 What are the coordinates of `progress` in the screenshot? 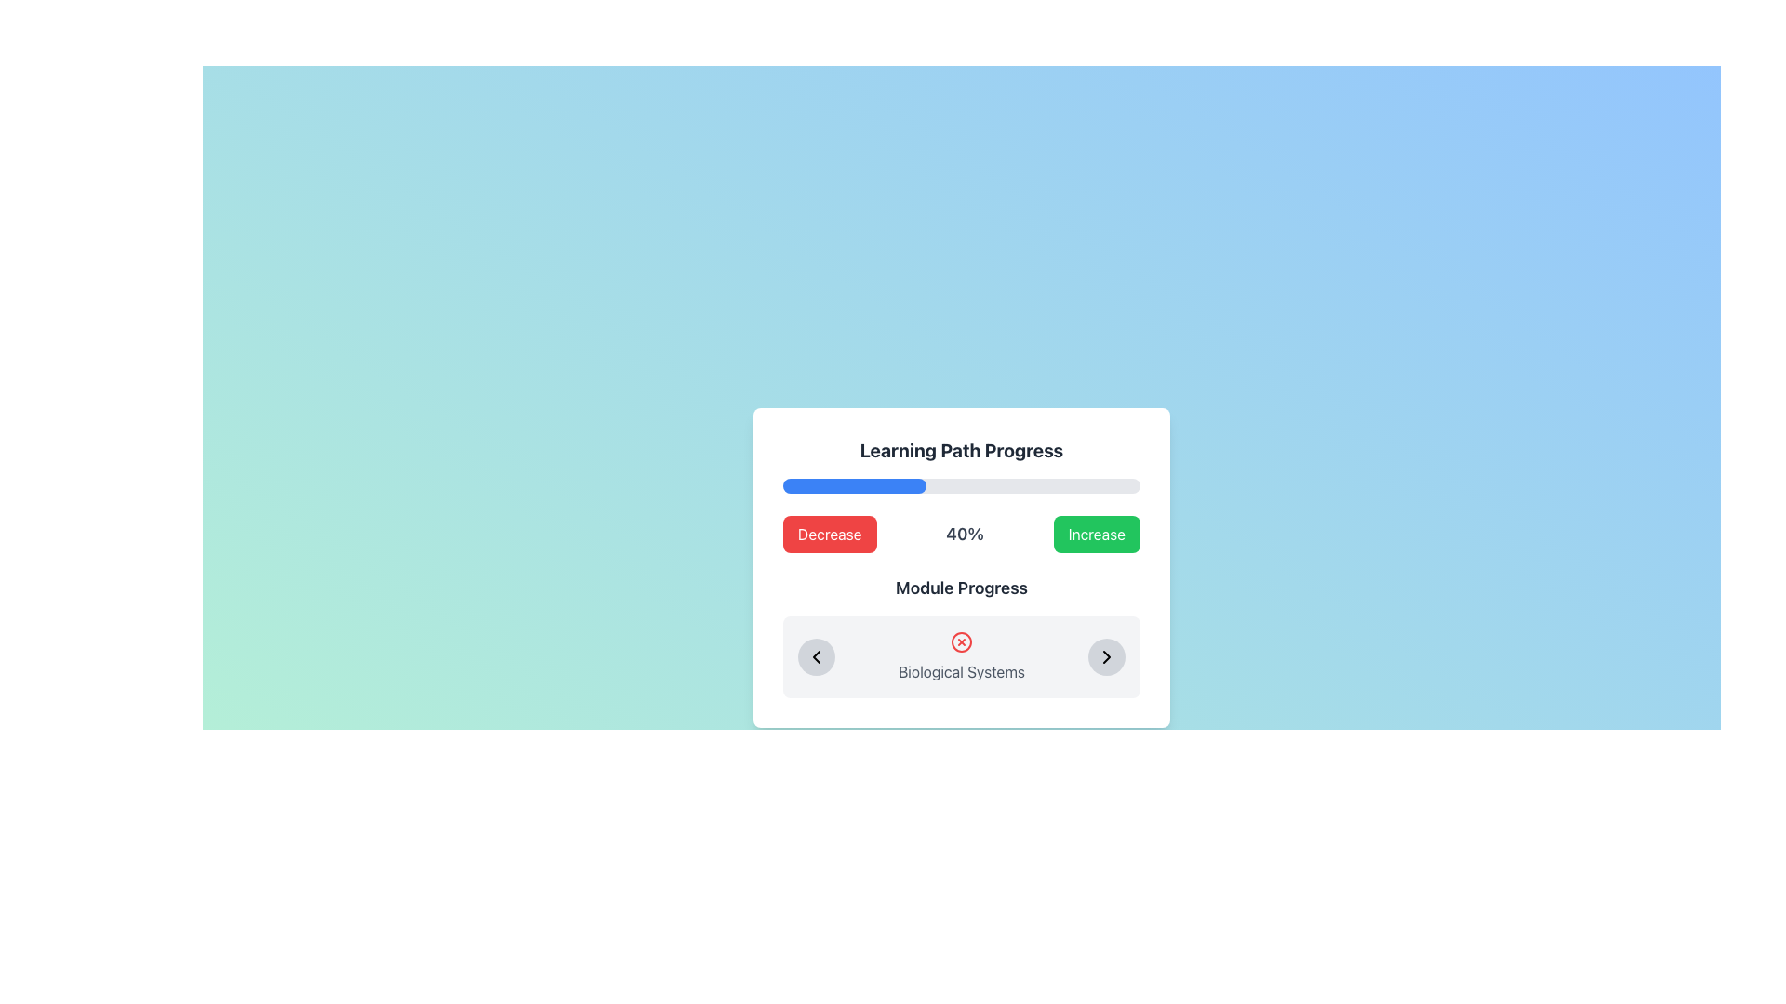 It's located at (1014, 485).